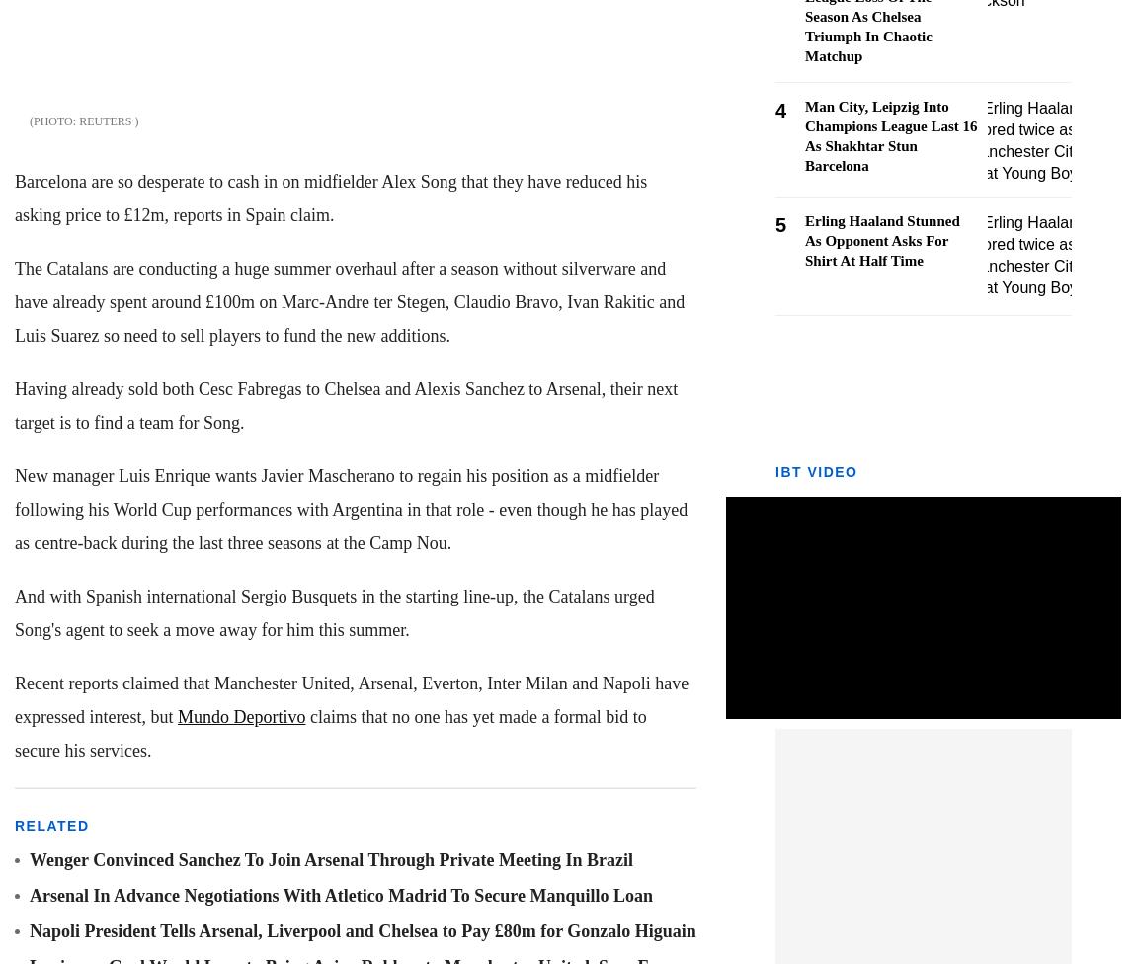 This screenshot has width=1136, height=964. I want to click on 'Having already sold both Cesc Fabregas to Chelsea and Alexis Sanchez to Arsenal, their next target is to find a team for Song.', so click(346, 404).